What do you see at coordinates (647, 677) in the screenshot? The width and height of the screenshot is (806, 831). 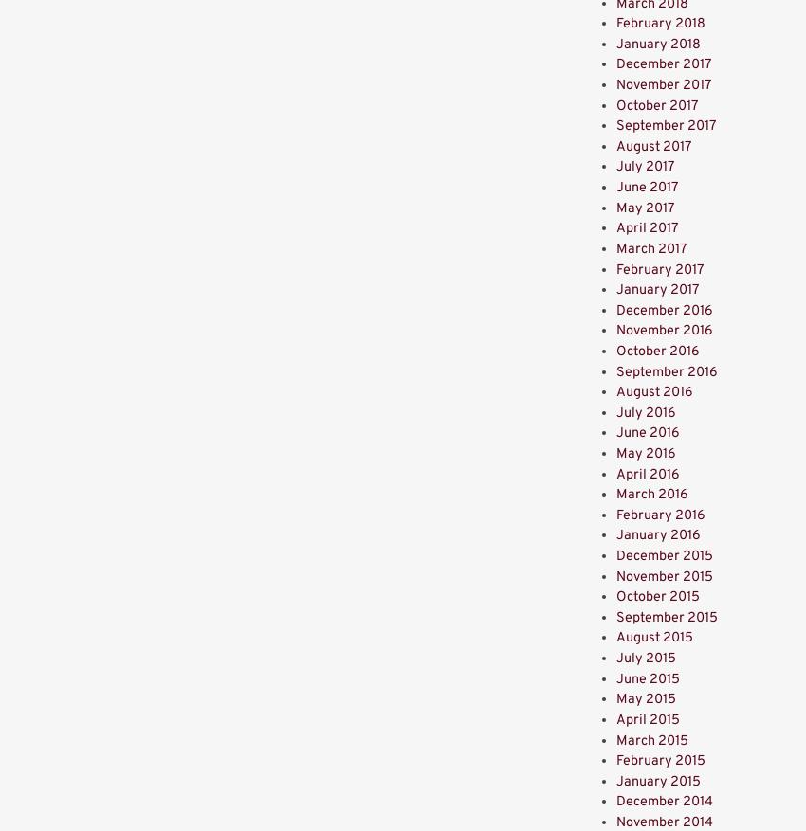 I see `'June 2015'` at bounding box center [647, 677].